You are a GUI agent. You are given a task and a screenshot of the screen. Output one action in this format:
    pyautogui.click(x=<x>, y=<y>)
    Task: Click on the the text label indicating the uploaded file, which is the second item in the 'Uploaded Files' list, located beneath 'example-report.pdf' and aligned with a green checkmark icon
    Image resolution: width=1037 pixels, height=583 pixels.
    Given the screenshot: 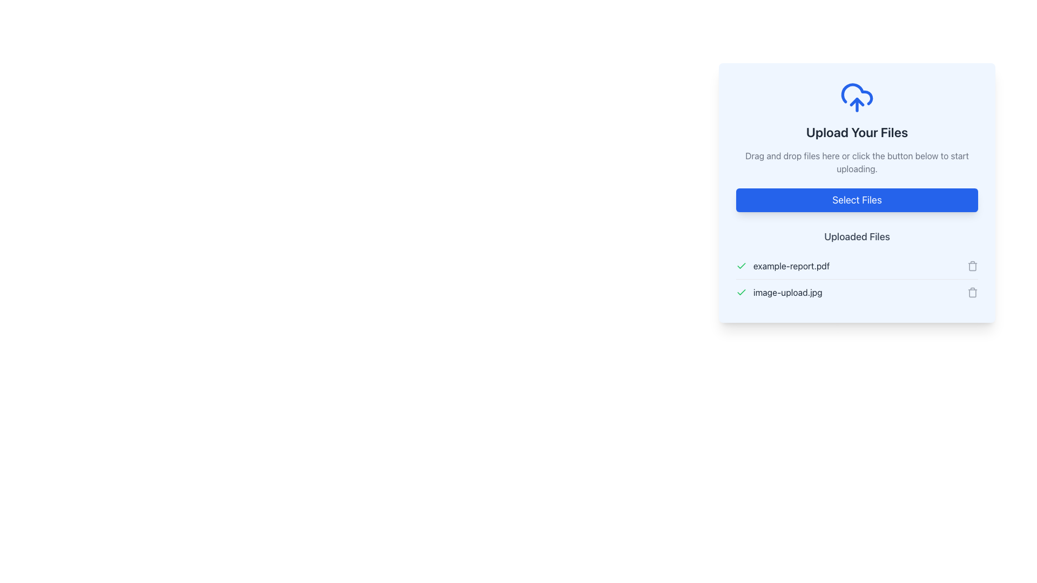 What is the action you would take?
    pyautogui.click(x=787, y=293)
    